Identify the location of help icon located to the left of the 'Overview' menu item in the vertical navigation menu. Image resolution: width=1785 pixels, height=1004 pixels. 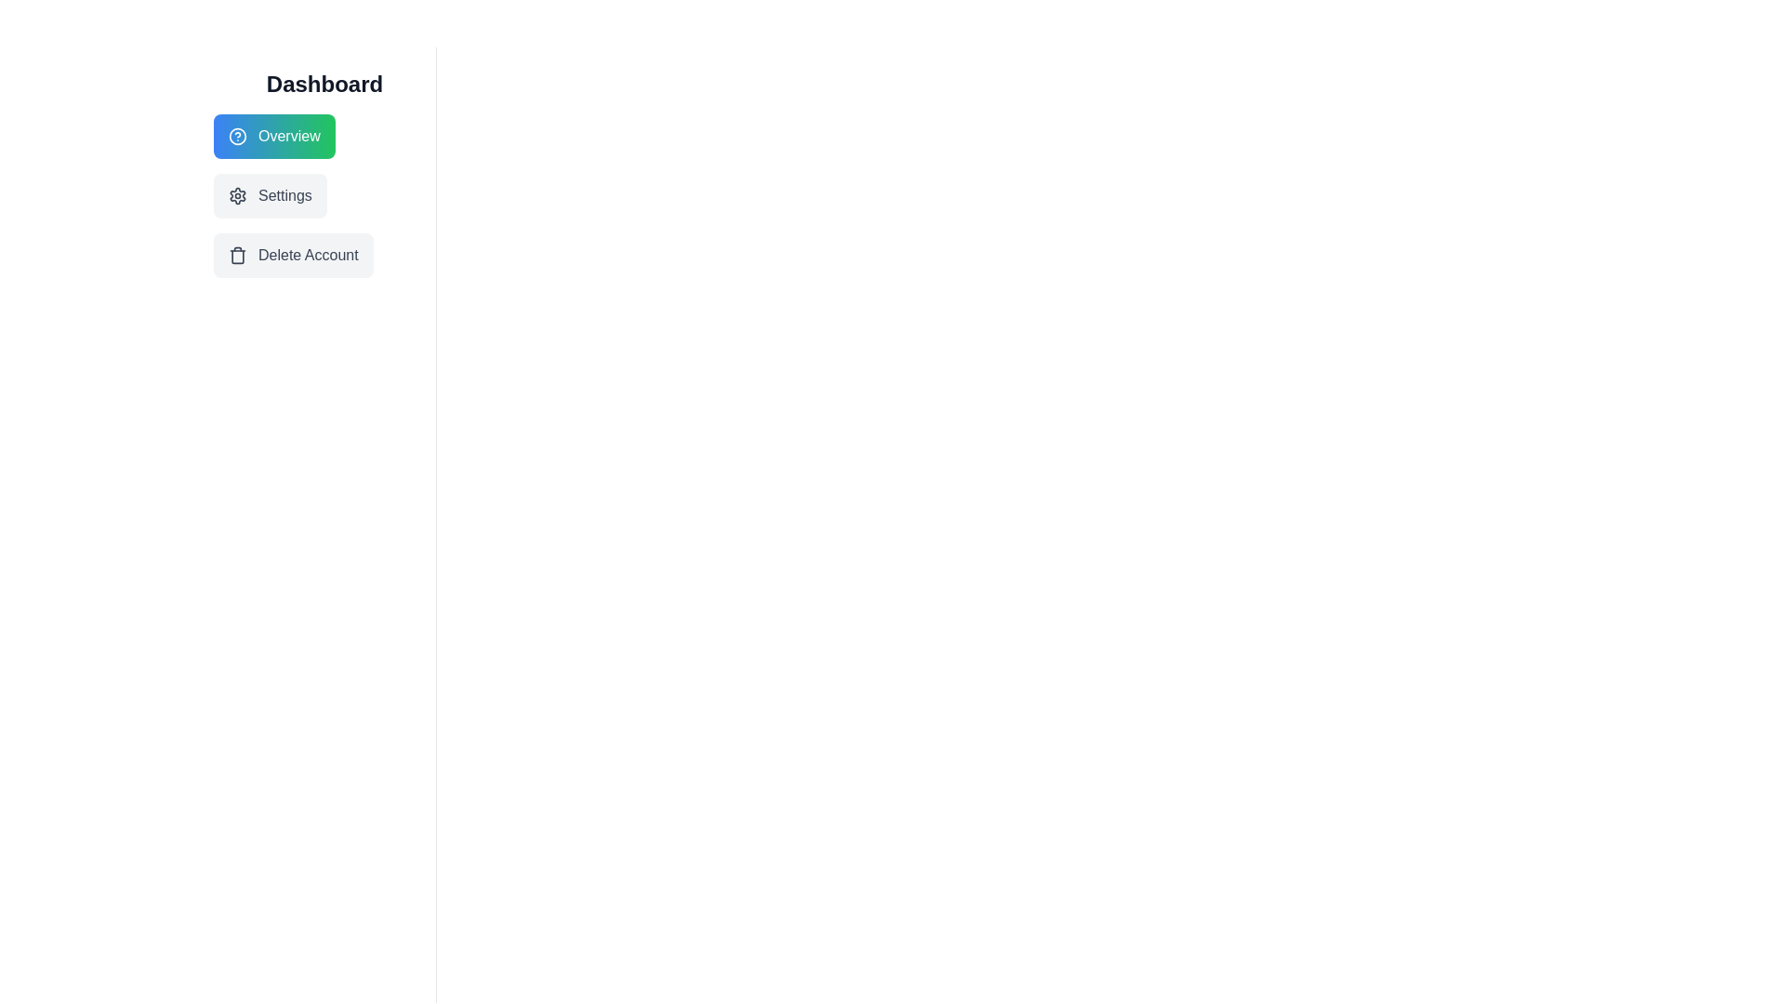
(236, 135).